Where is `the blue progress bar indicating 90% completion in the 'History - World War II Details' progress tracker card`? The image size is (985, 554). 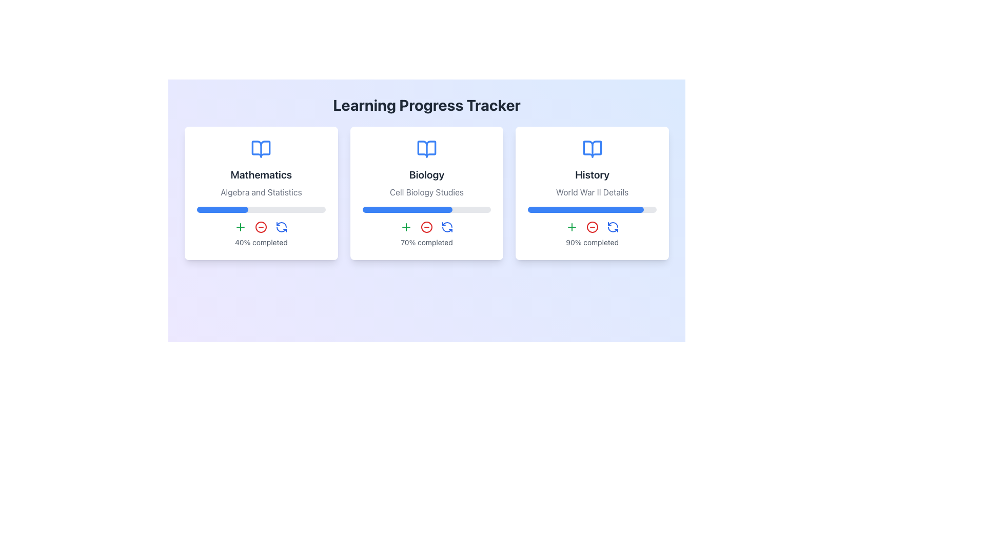 the blue progress bar indicating 90% completion in the 'History - World War II Details' progress tracker card is located at coordinates (586, 209).